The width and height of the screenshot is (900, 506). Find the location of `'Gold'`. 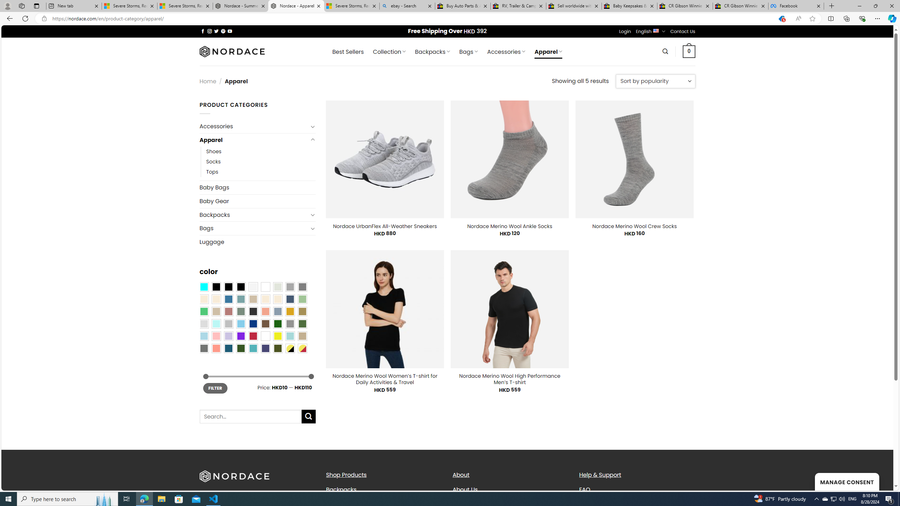

'Gold' is located at coordinates (289, 311).